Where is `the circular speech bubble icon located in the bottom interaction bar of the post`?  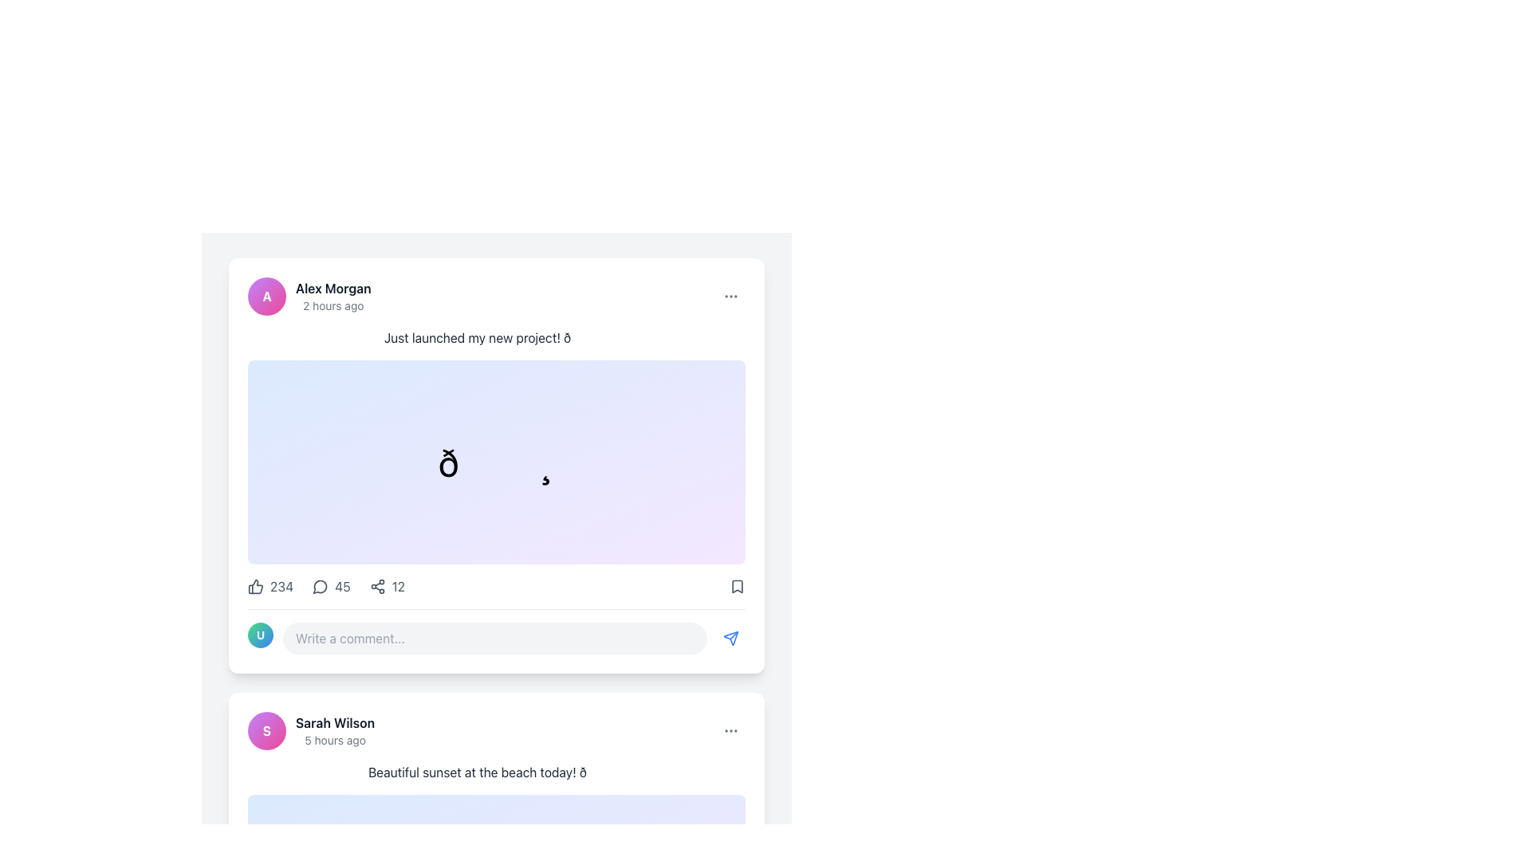 the circular speech bubble icon located in the bottom interaction bar of the post is located at coordinates (320, 587).